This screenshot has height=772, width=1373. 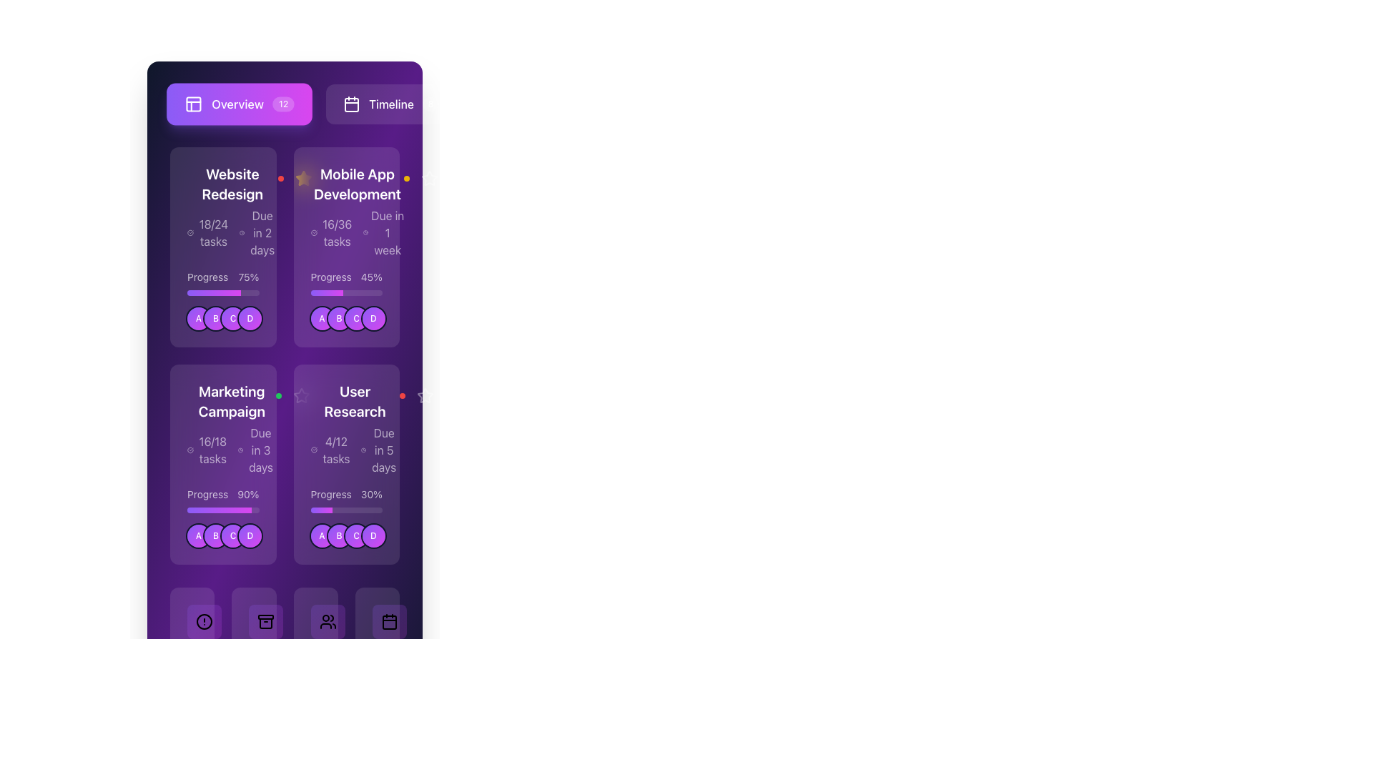 What do you see at coordinates (357, 232) in the screenshot?
I see `text information block that indicates the tasks completed and time left for the 'Mobile App Development' project, located in the middle segment of the card` at bounding box center [357, 232].